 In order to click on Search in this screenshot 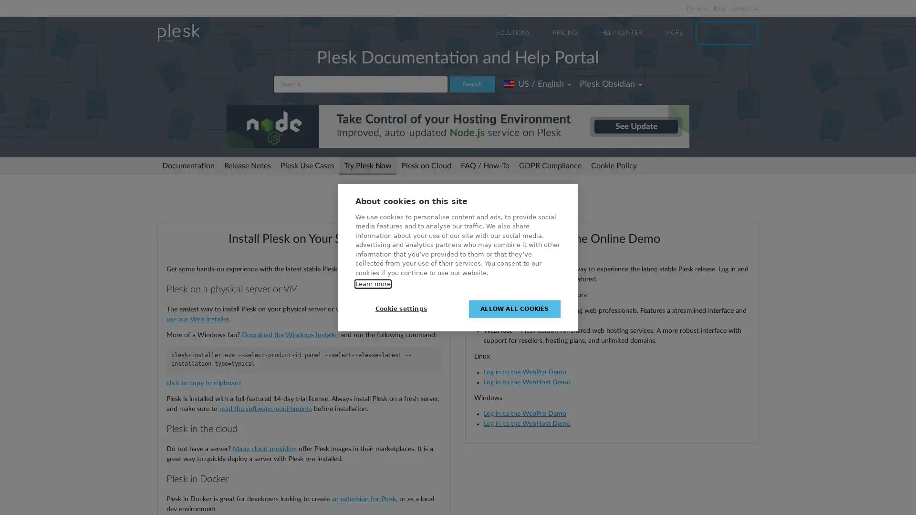, I will do `click(472, 84)`.